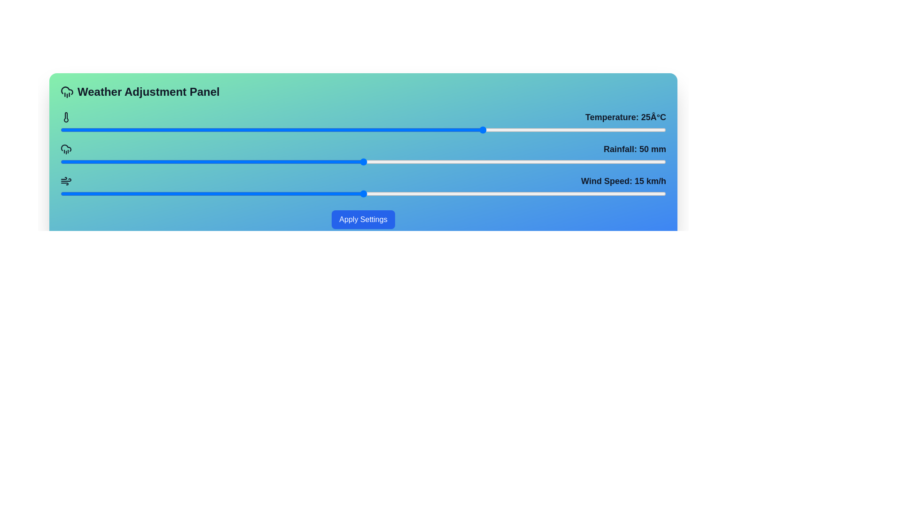 This screenshot has height=507, width=902. Describe the element at coordinates (67, 91) in the screenshot. I see `the cloud icon representing the upper part of the cloud-and-rain vector in the Weather Adjustment Panel` at that location.